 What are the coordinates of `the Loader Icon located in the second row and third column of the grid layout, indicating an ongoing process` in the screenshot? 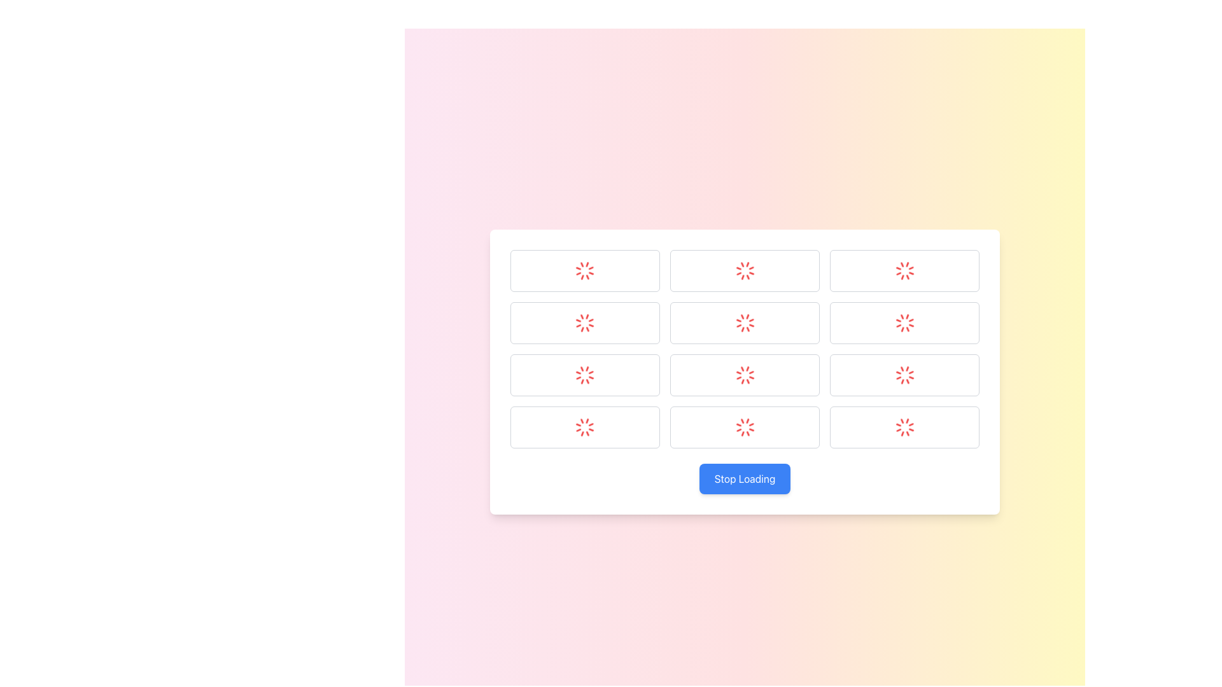 It's located at (904, 323).